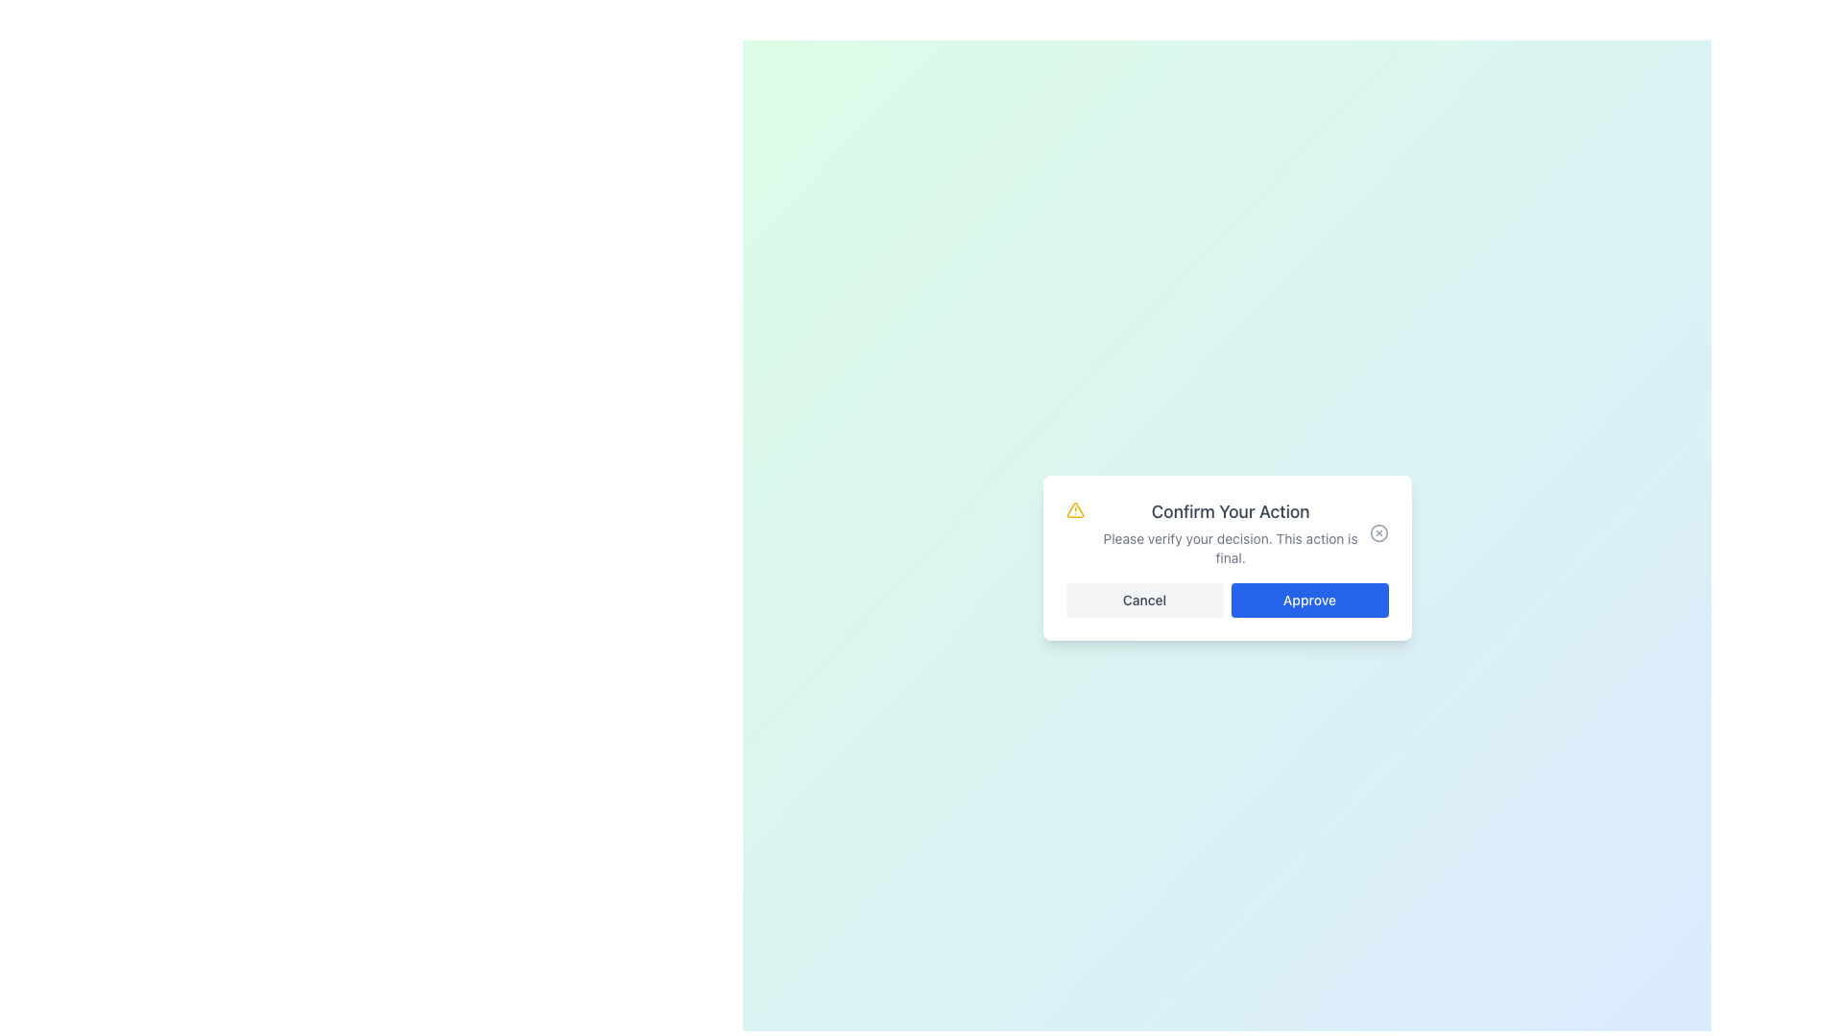 This screenshot has width=1843, height=1036. I want to click on the triangular warning icon with a yellow outline located at the top-left corner of the confirmation dialog's header area, so click(1075, 509).